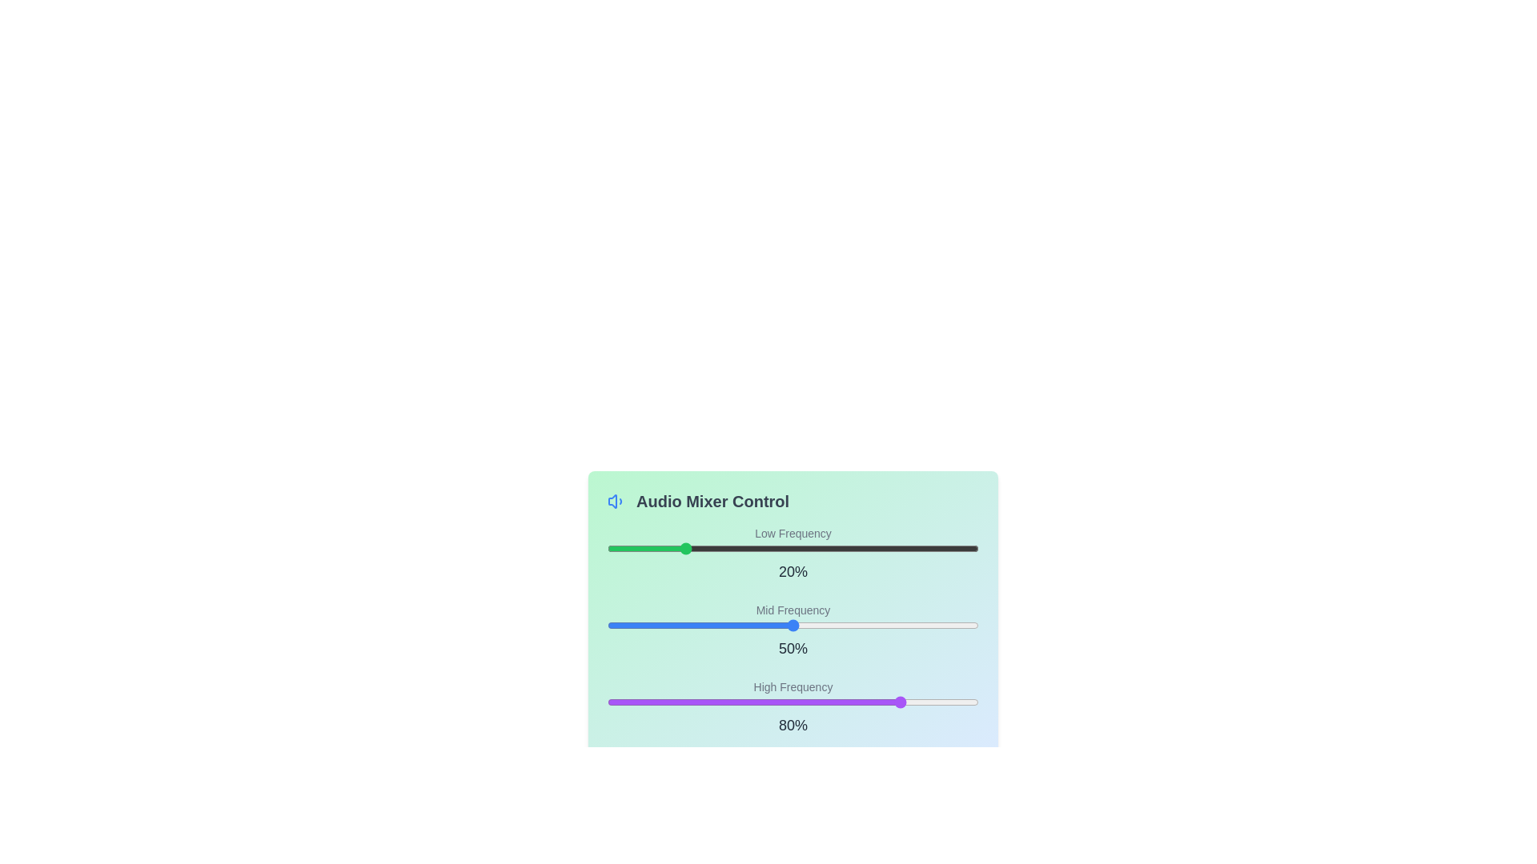 This screenshot has height=864, width=1537. I want to click on the 'High Frequency' slider, so click(815, 702).